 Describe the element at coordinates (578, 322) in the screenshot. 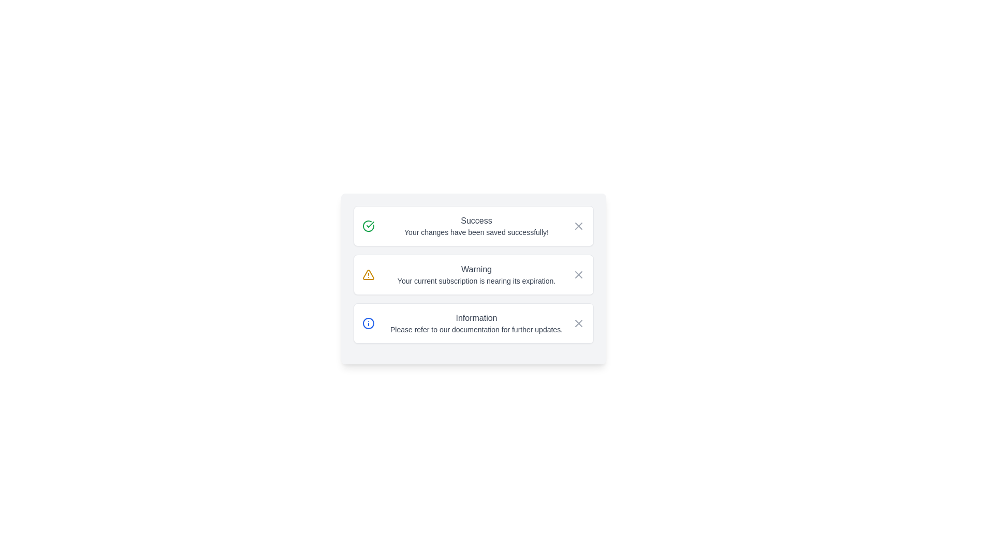

I see `the close button located in the top-right area of the 'Information' notification card to change its color` at that location.